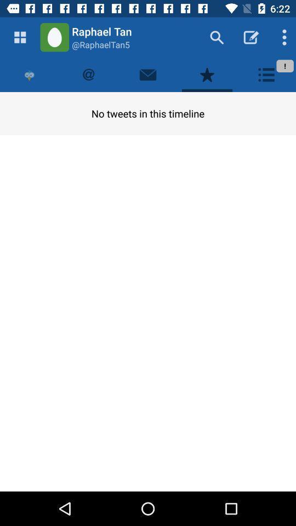 The height and width of the screenshot is (526, 296). I want to click on messages, so click(148, 74).